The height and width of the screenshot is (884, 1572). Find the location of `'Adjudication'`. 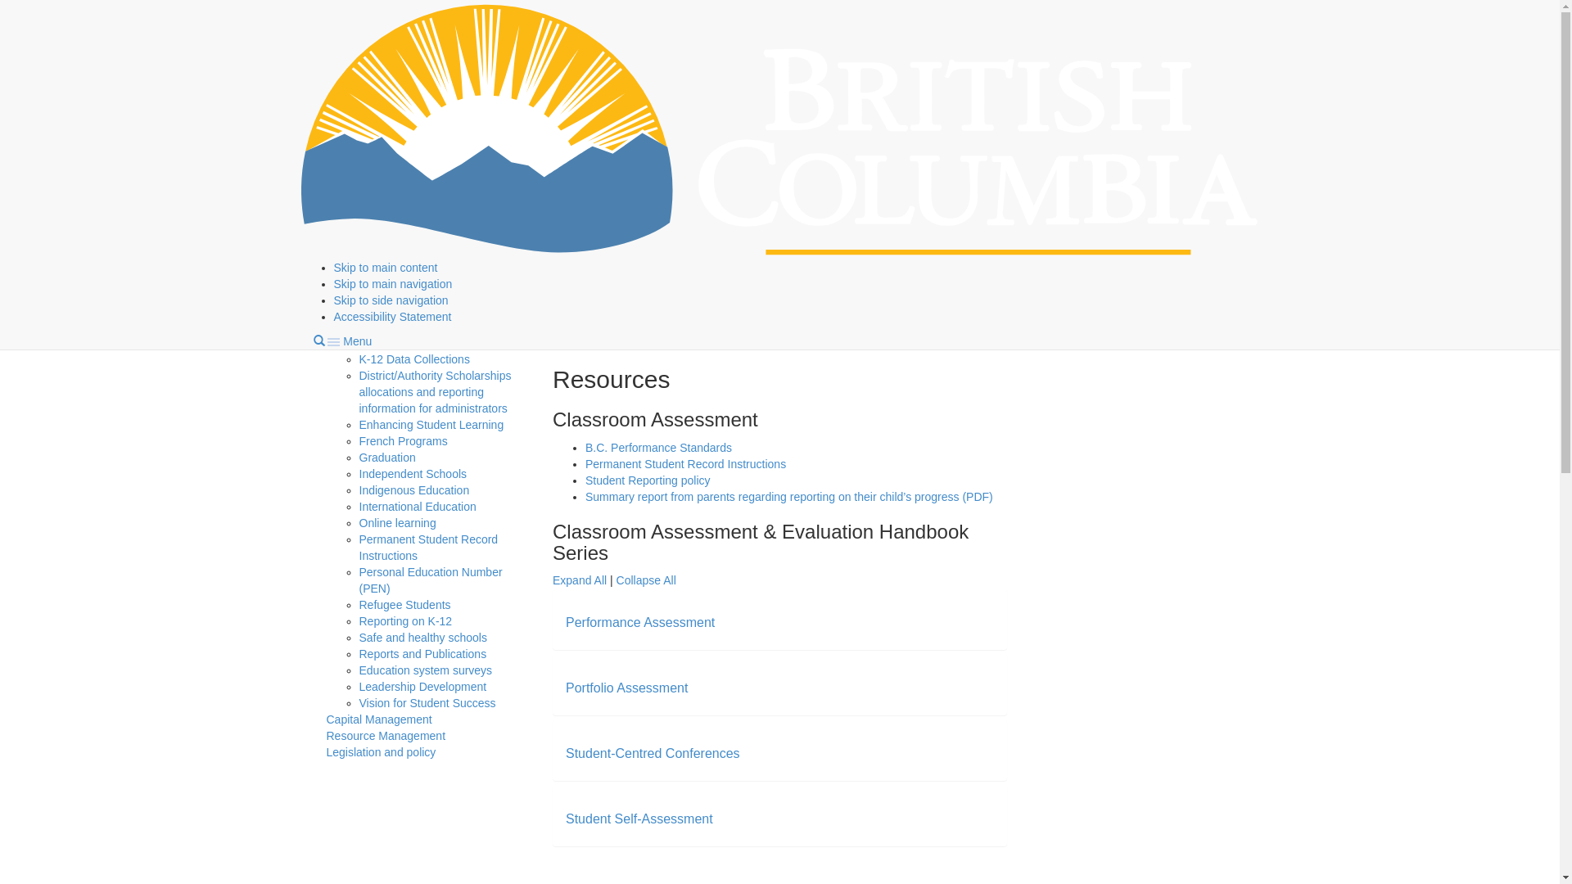

'Adjudication' is located at coordinates (422, 129).